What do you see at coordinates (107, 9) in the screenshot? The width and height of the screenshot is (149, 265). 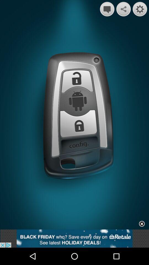 I see `the chat icon` at bounding box center [107, 9].